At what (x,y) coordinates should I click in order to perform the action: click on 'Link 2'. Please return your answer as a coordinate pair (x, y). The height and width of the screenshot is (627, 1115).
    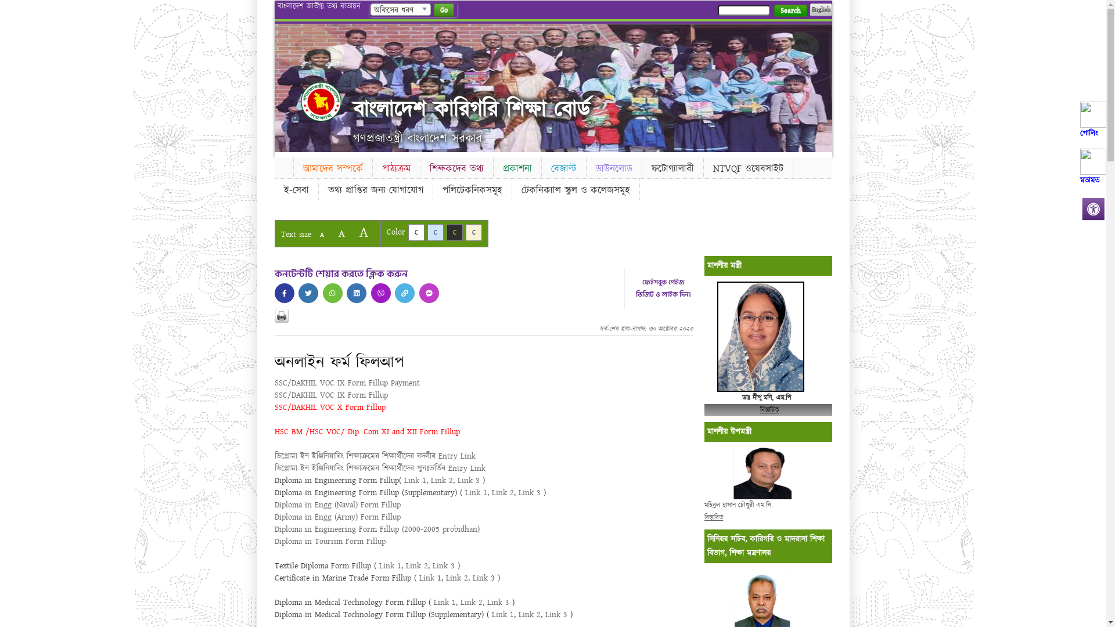
    Looking at the image, I should click on (405, 565).